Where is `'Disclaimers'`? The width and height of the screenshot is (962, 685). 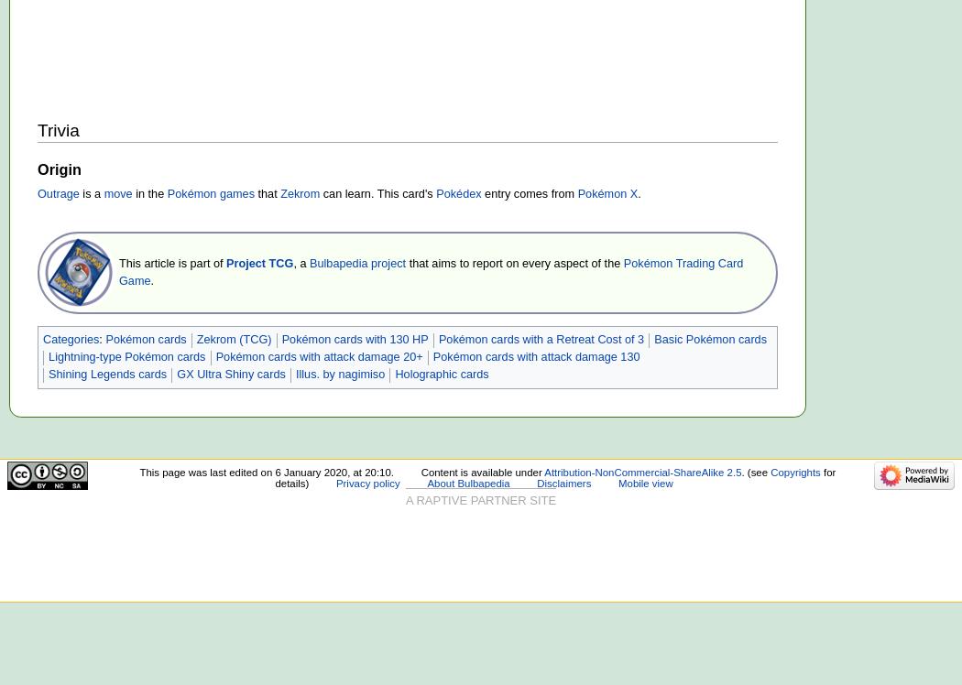
'Disclaimers' is located at coordinates (563, 481).